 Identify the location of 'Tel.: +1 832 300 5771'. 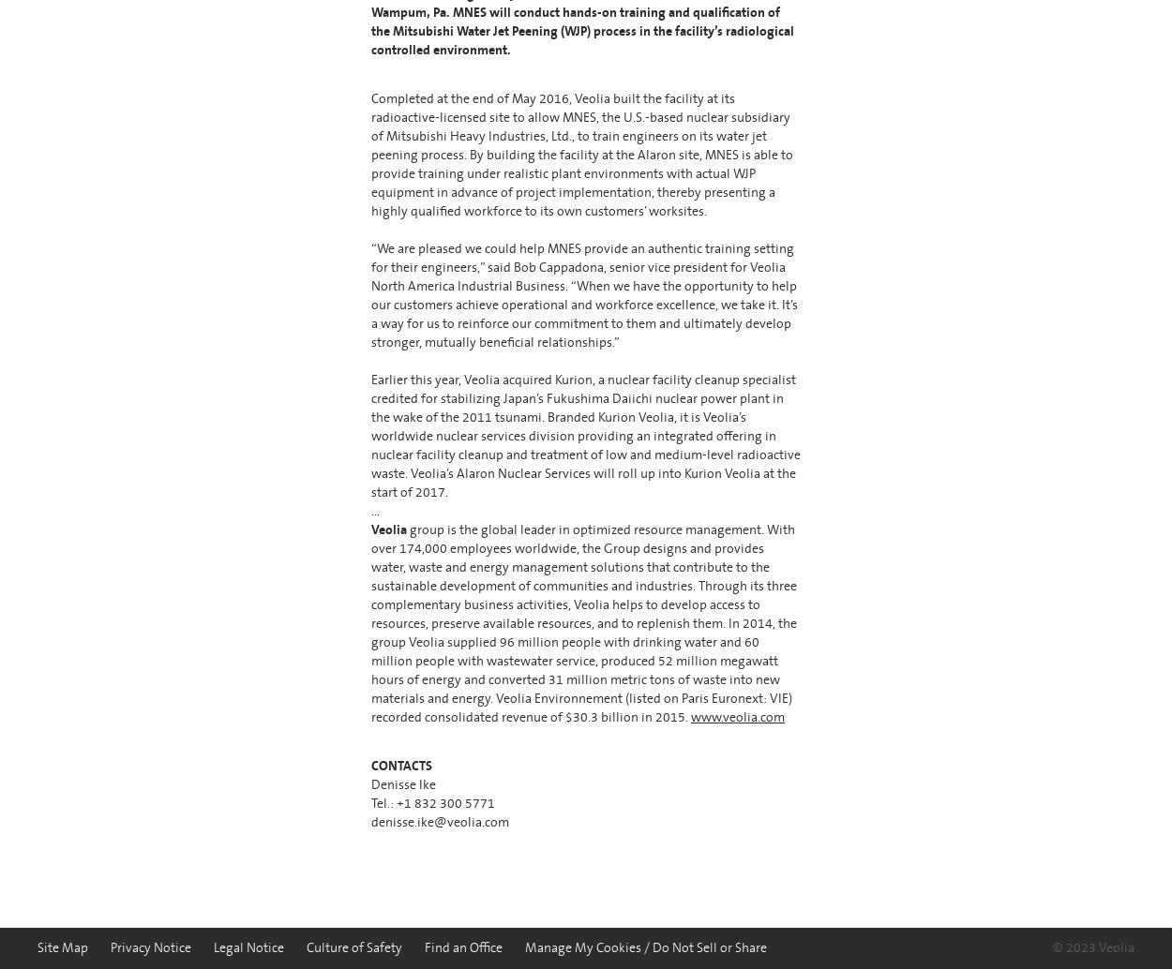
(432, 802).